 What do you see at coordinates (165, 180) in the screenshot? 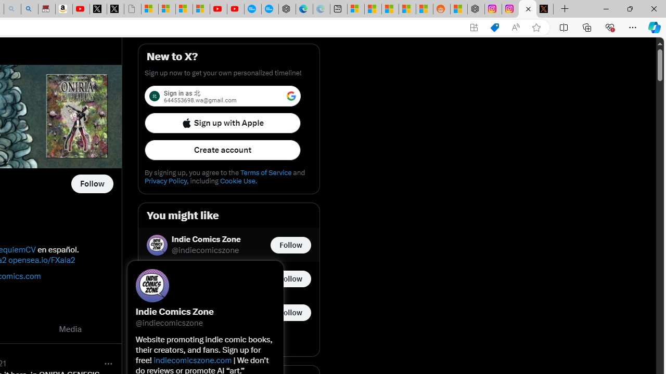
I see `'Privacy Policy'` at bounding box center [165, 180].